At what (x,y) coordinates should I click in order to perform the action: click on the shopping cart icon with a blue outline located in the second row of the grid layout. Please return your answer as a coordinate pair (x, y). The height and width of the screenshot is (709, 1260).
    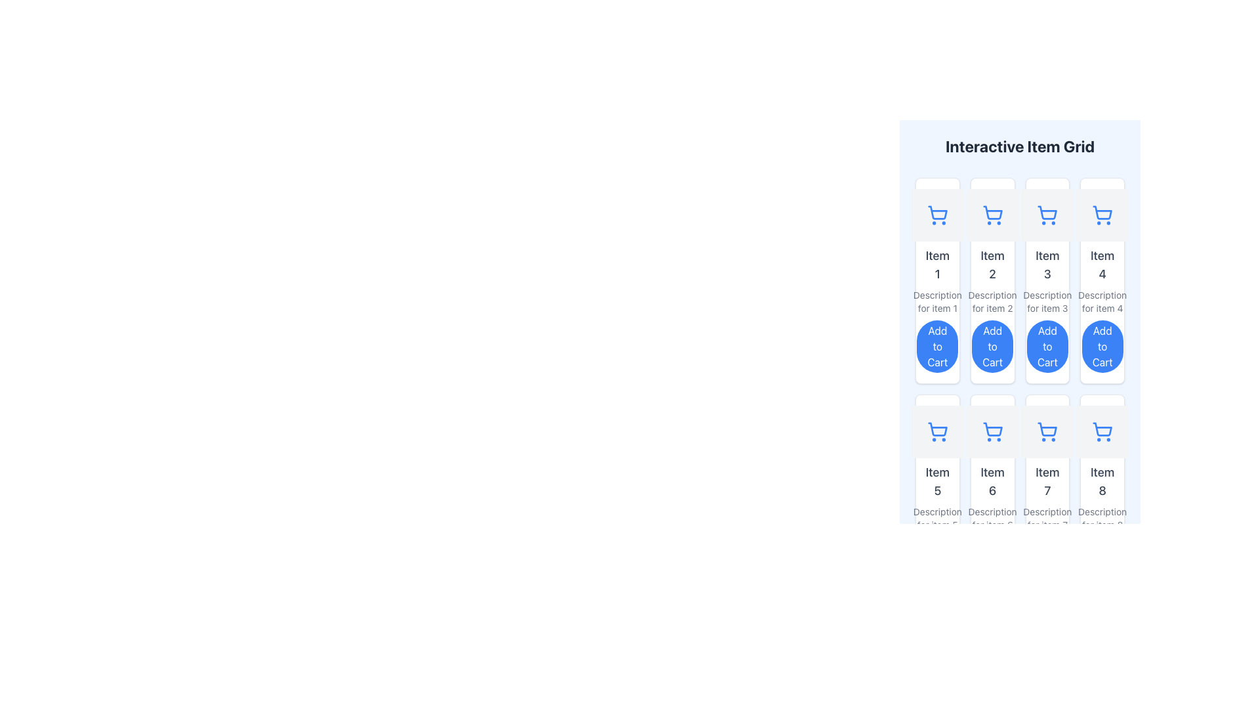
    Looking at the image, I should click on (1102, 432).